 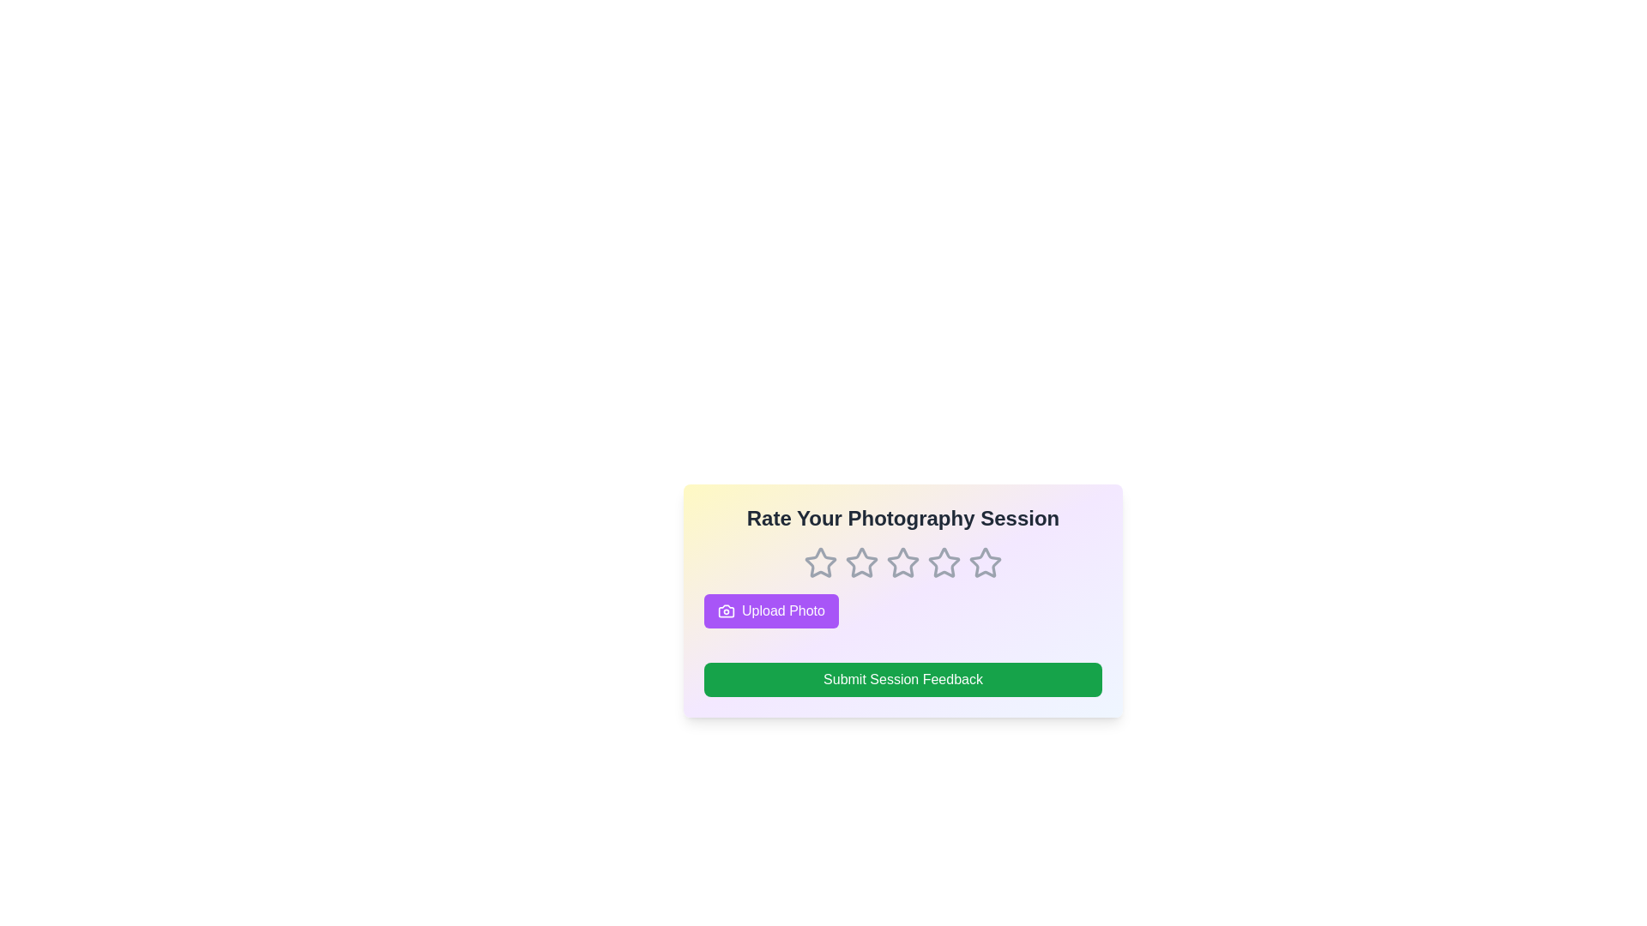 I want to click on the rating to 2 stars by clicking on the corresponding star, so click(x=861, y=562).